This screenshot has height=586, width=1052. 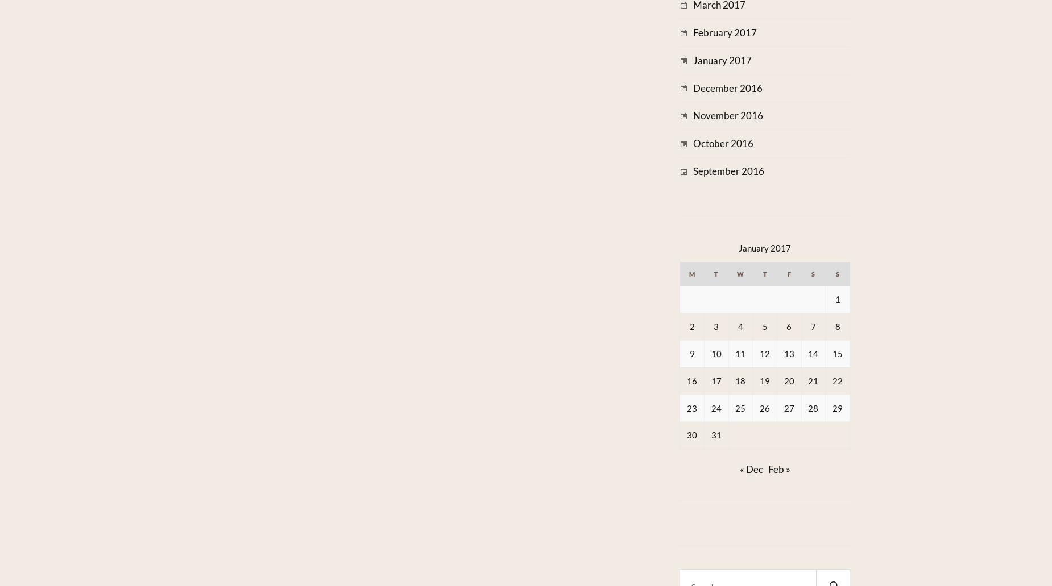 I want to click on '7', so click(x=813, y=327).